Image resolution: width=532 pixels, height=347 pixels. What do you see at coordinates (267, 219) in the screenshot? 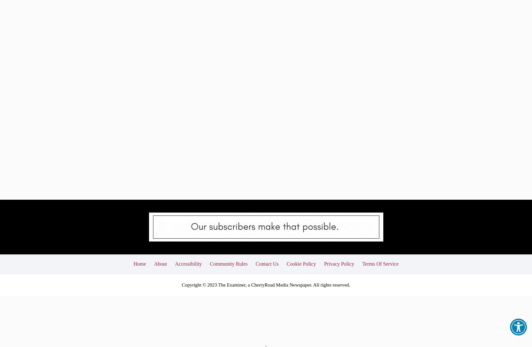
I see `'Contact Us'` at bounding box center [267, 219].